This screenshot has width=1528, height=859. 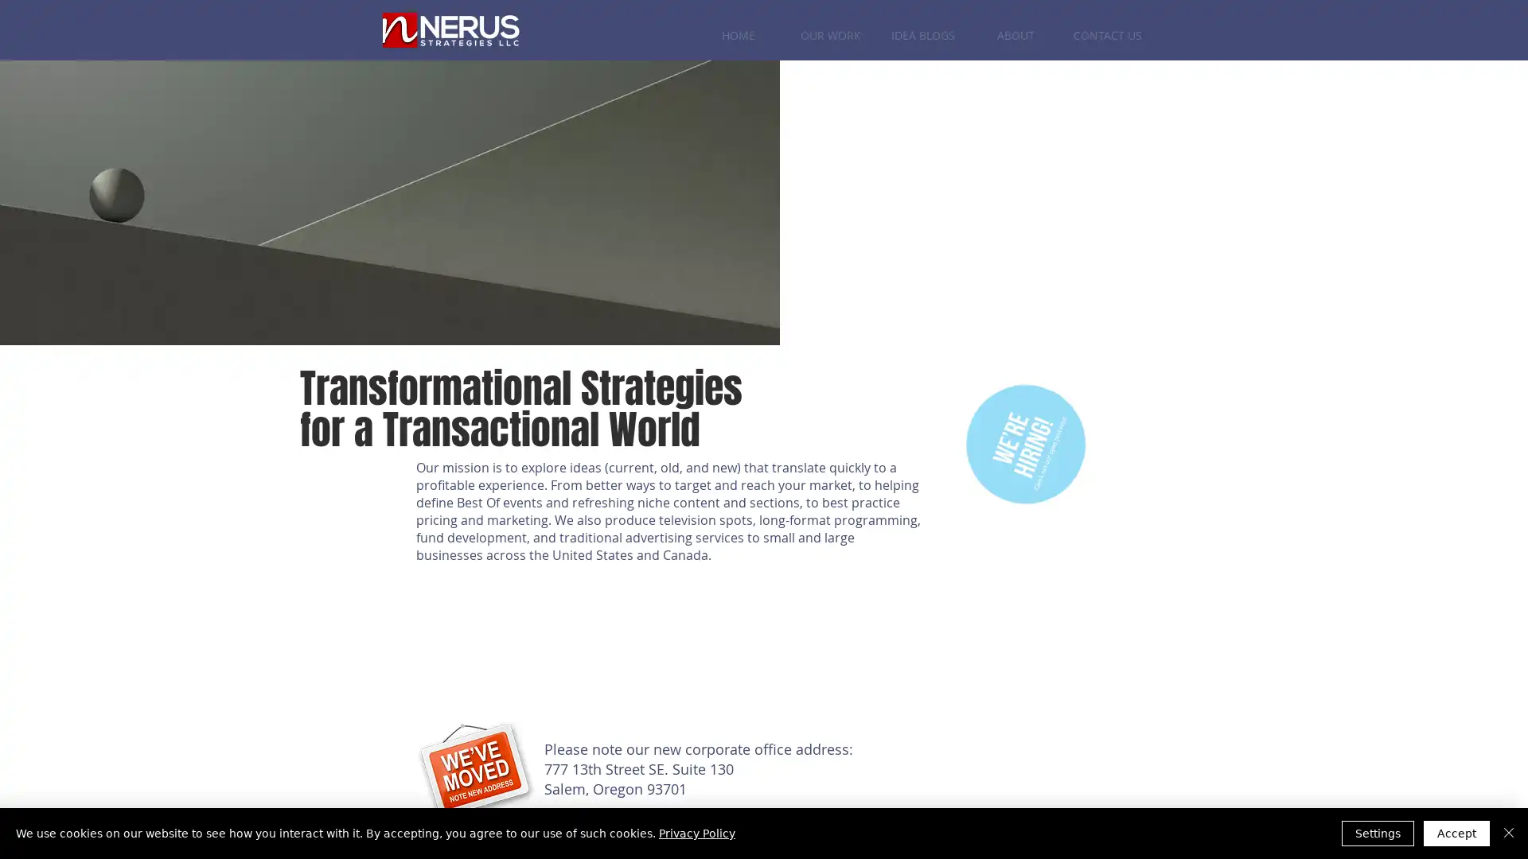 I want to click on Accept, so click(x=1456, y=833).